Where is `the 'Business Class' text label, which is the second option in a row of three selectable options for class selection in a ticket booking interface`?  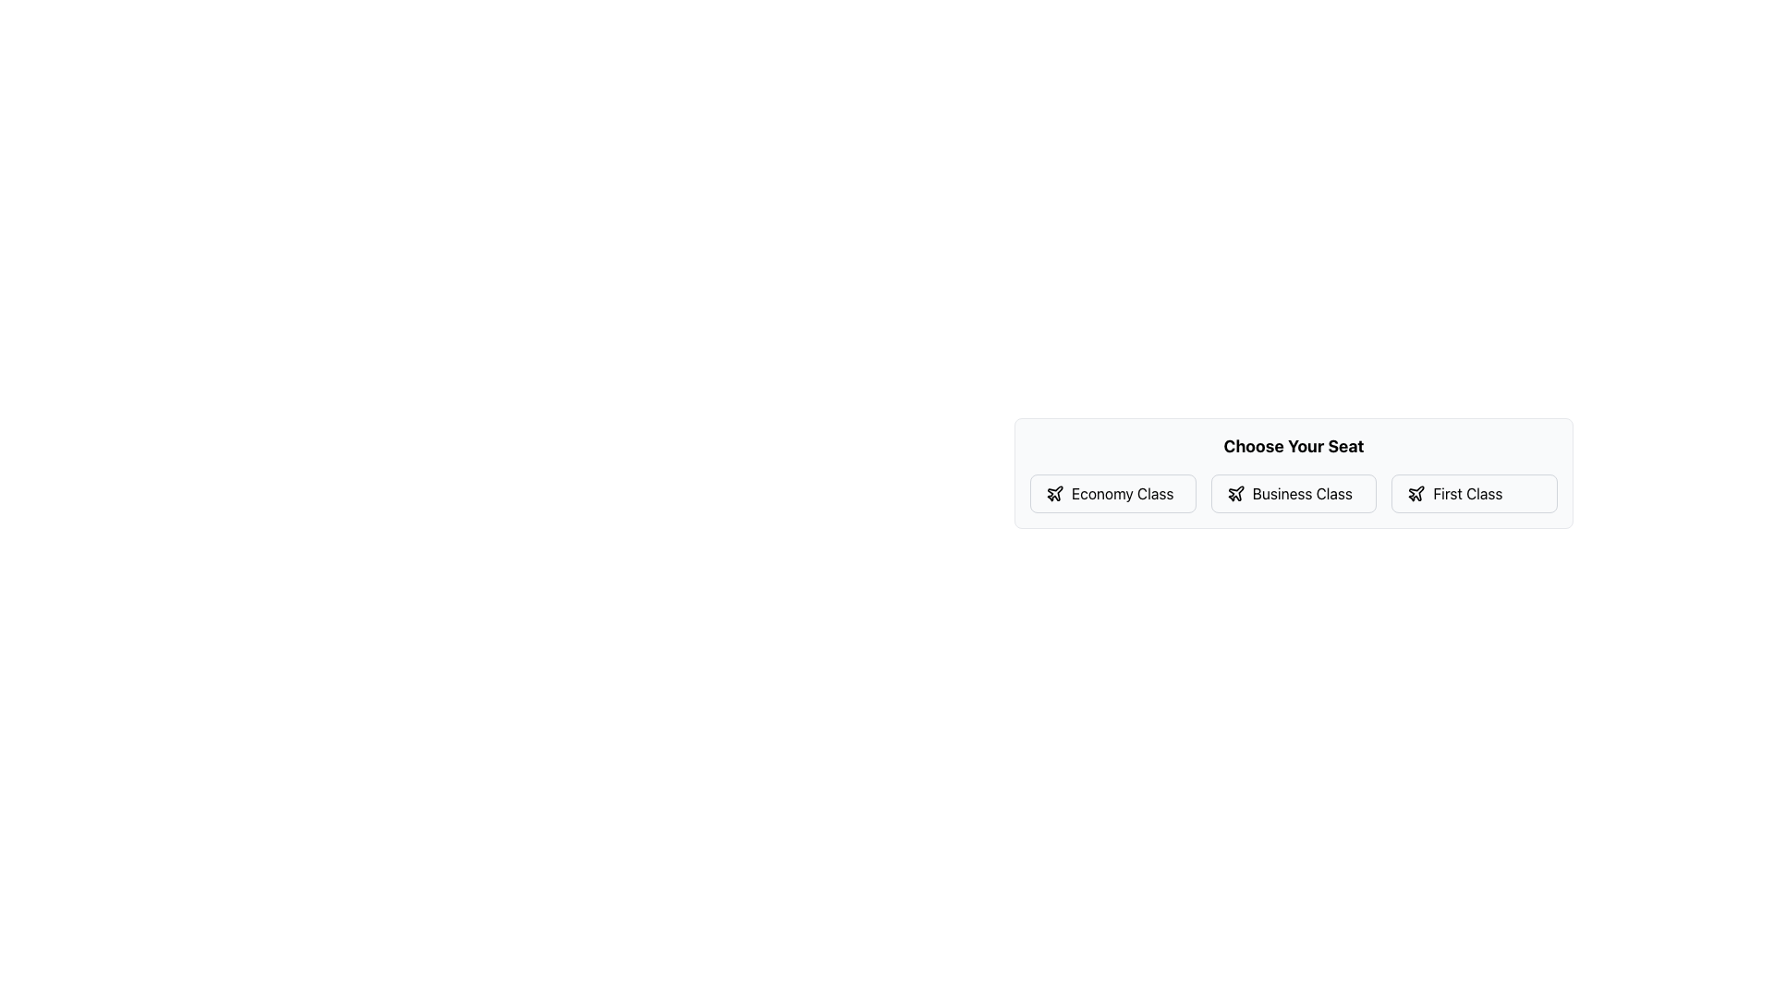
the 'Business Class' text label, which is the second option in a row of three selectable options for class selection in a ticket booking interface is located at coordinates (1301, 493).